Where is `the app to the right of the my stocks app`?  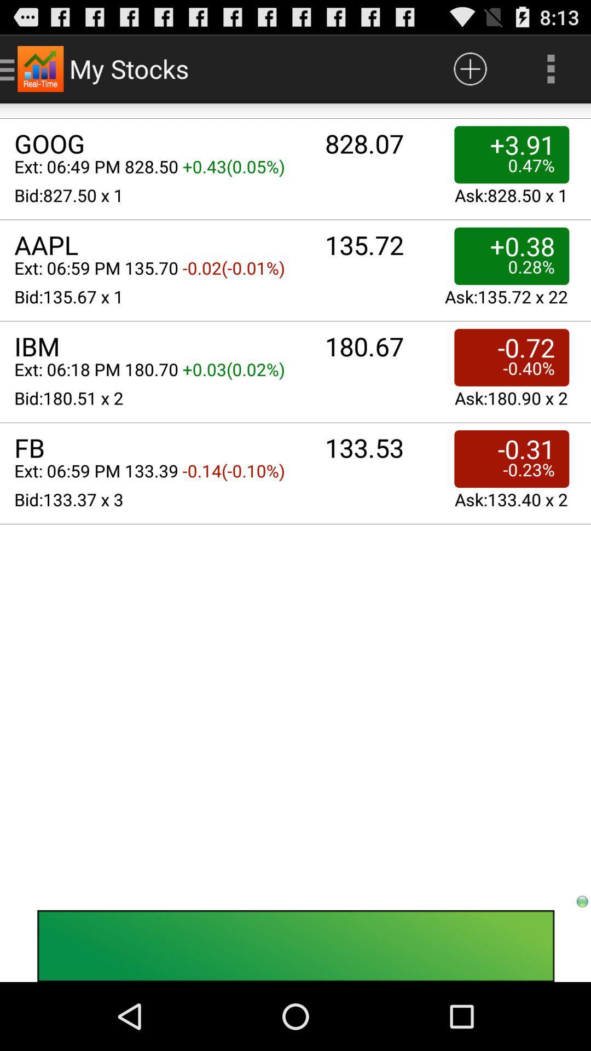
the app to the right of the my stocks app is located at coordinates (470, 68).